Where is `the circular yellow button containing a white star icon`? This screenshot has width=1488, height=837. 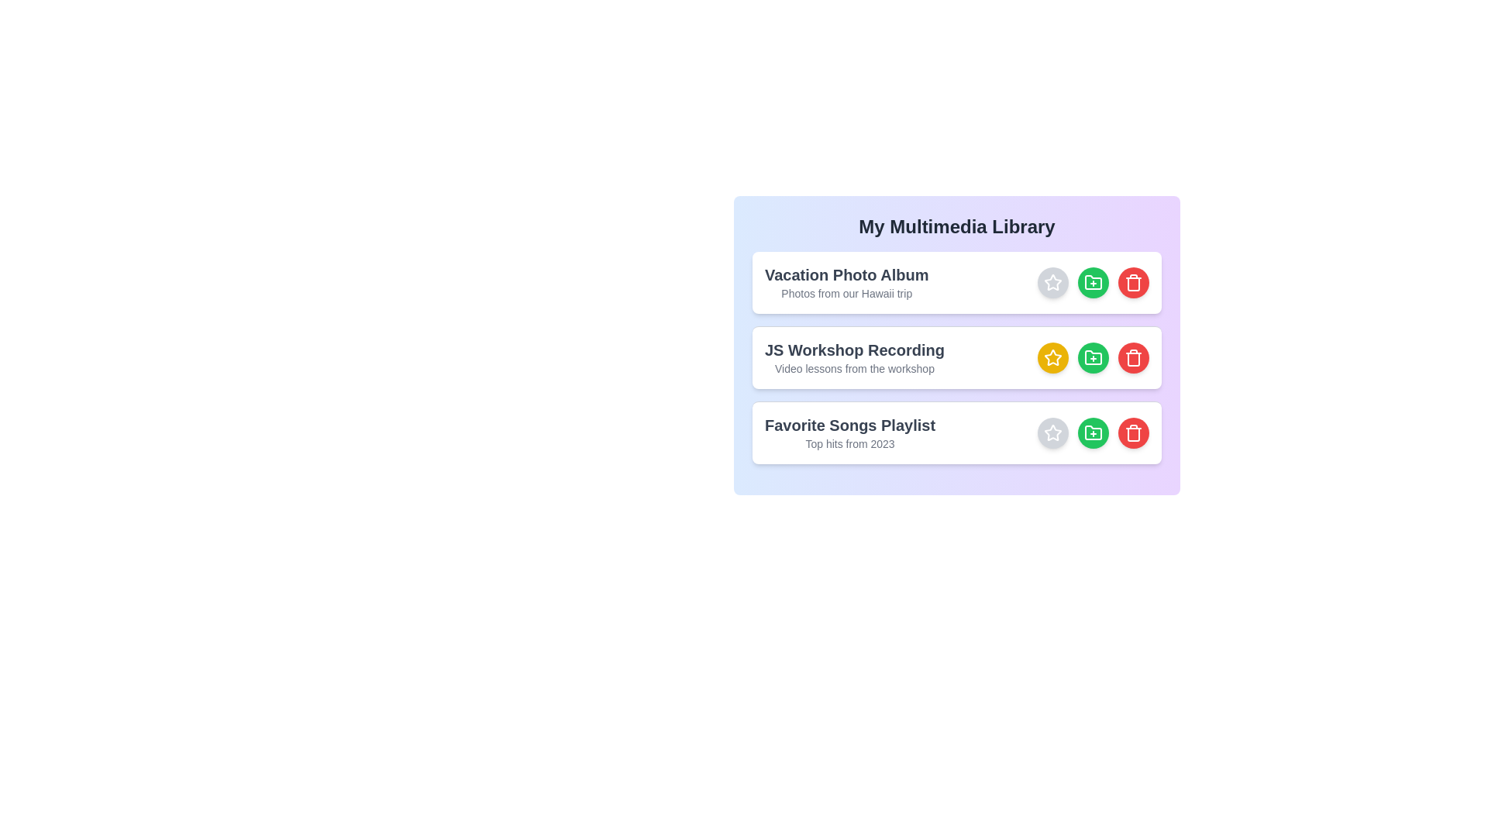
the circular yellow button containing a white star icon is located at coordinates (1052, 358).